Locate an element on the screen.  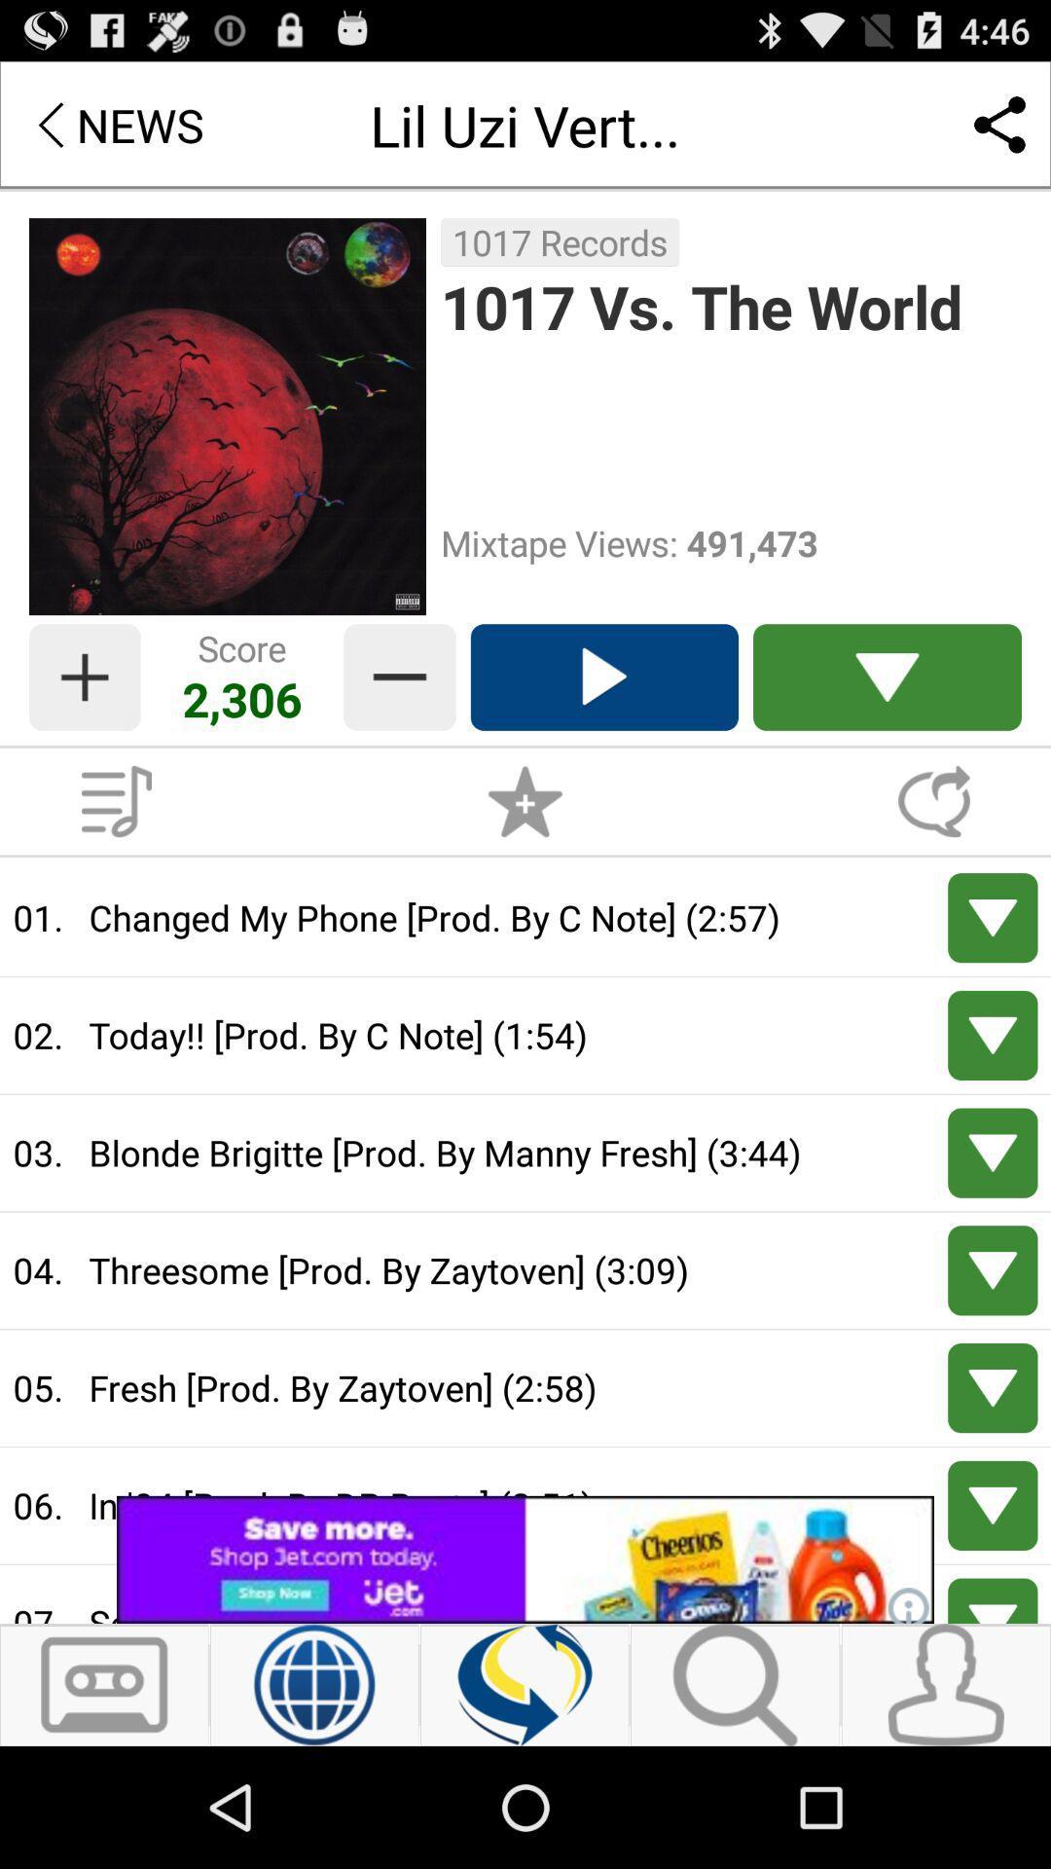
comment is located at coordinates (933, 801).